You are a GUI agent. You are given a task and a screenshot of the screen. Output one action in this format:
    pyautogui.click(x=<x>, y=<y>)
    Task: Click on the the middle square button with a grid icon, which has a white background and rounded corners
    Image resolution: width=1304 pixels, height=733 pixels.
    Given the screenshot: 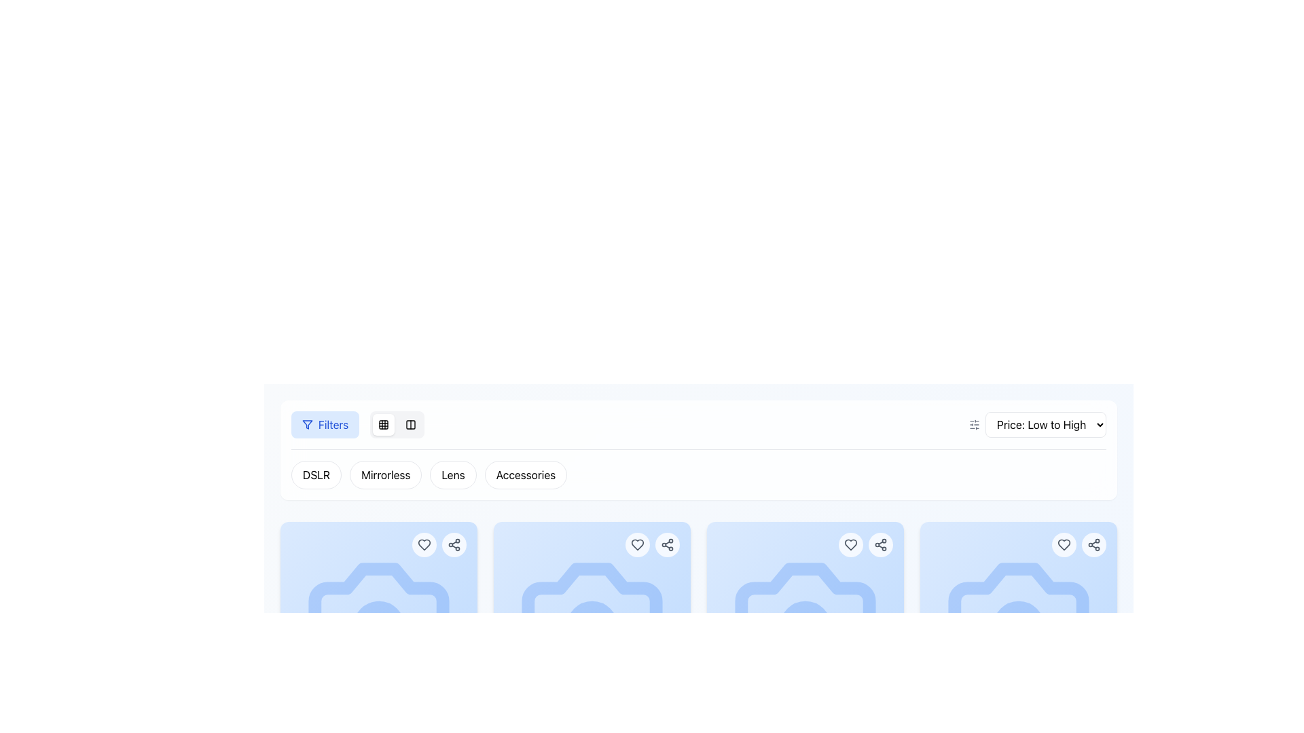 What is the action you would take?
    pyautogui.click(x=383, y=424)
    